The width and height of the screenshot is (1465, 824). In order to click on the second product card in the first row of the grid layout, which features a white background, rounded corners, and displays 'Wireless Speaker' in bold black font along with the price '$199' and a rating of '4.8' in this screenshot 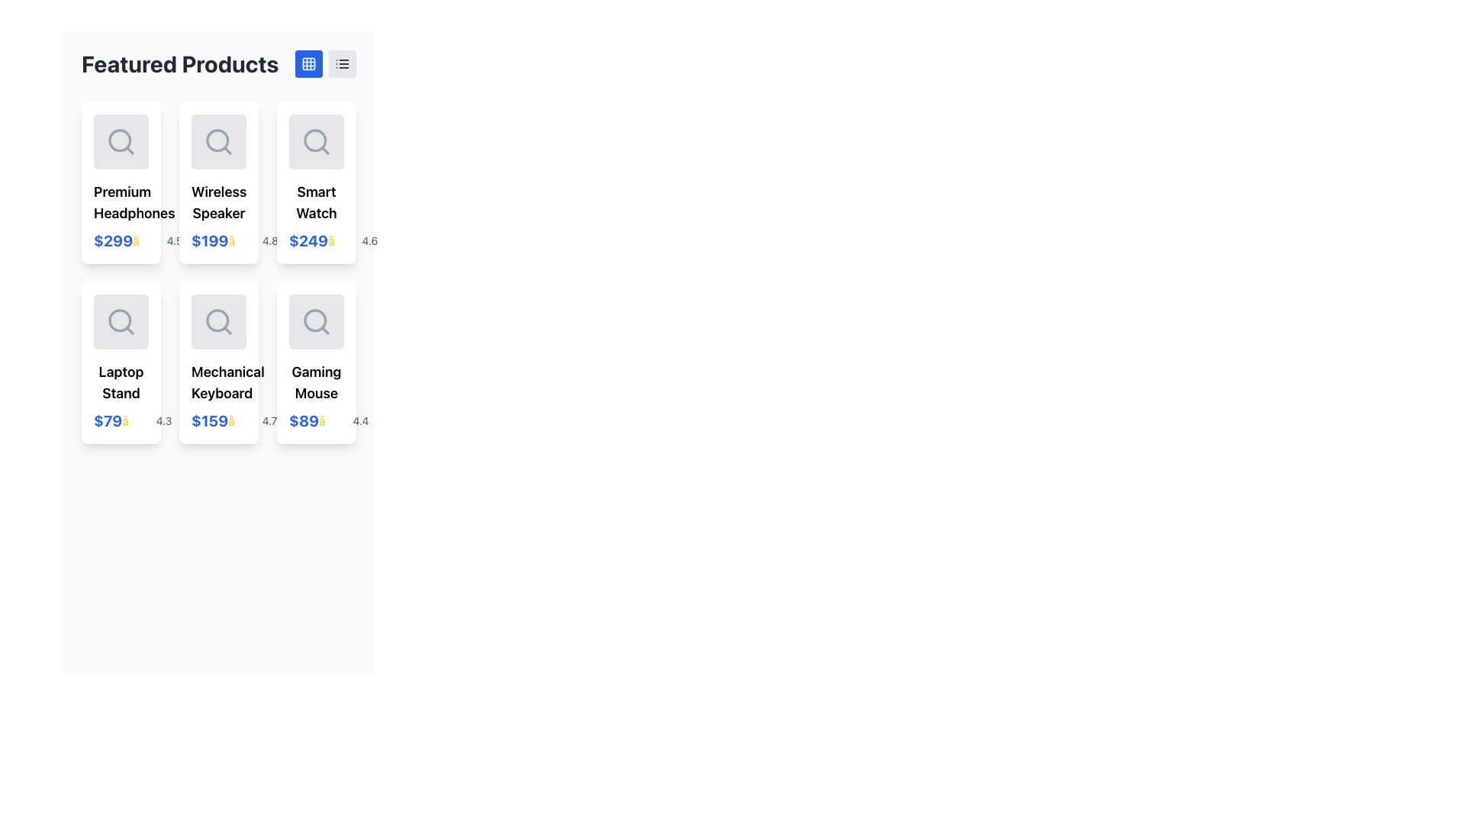, I will do `click(218, 182)`.